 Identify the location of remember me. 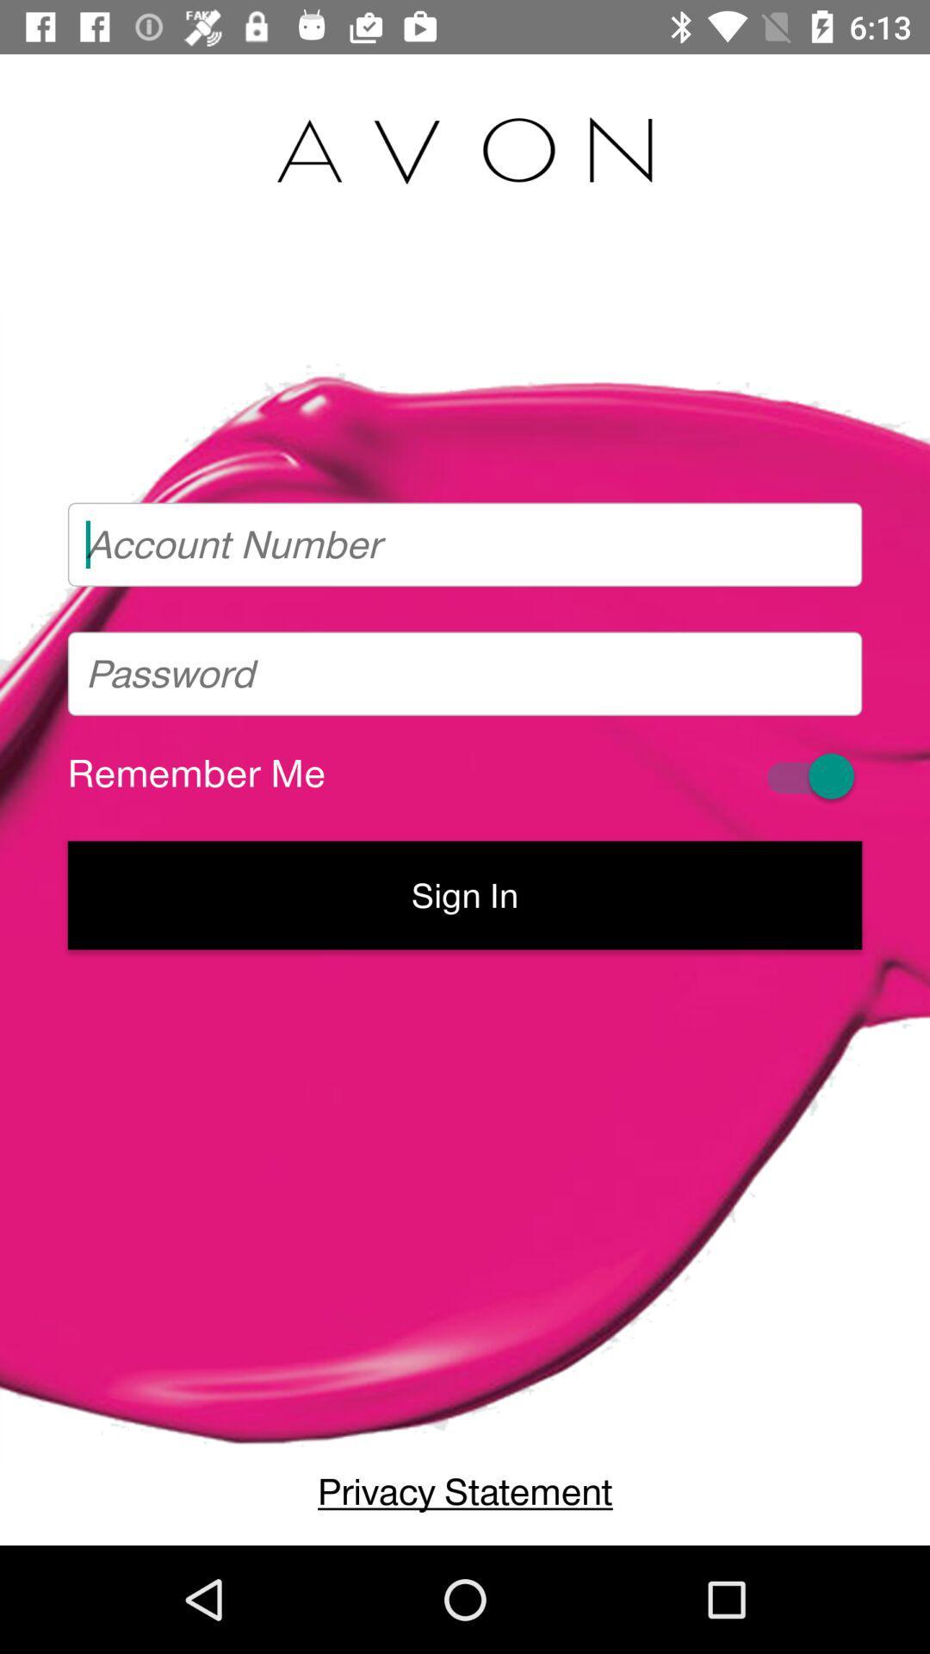
(808, 775).